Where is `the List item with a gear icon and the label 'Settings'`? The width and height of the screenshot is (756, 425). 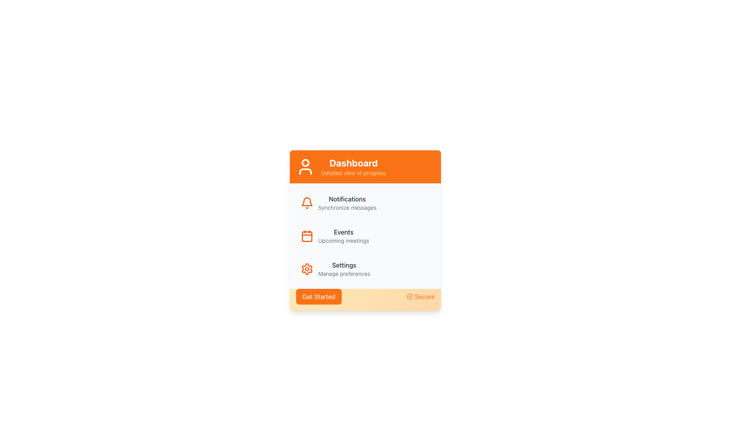
the List item with a gear icon and the label 'Settings' is located at coordinates (365, 268).